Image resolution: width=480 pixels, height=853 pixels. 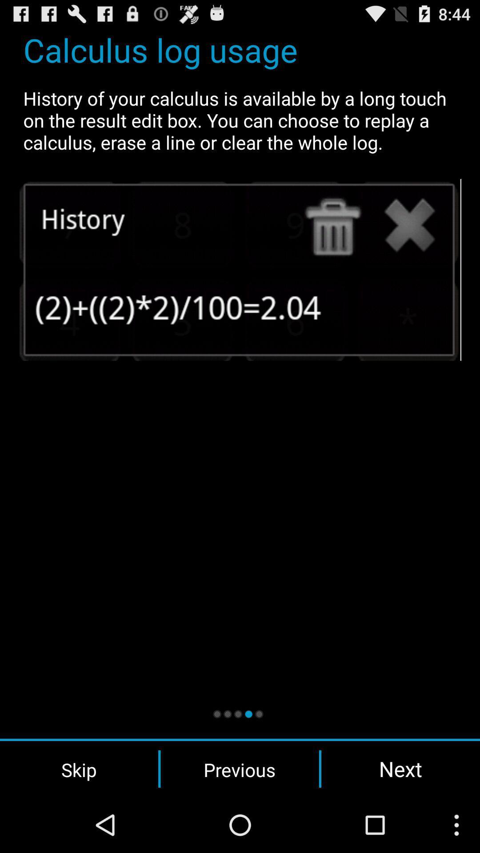 What do you see at coordinates (79, 769) in the screenshot?
I see `skip` at bounding box center [79, 769].